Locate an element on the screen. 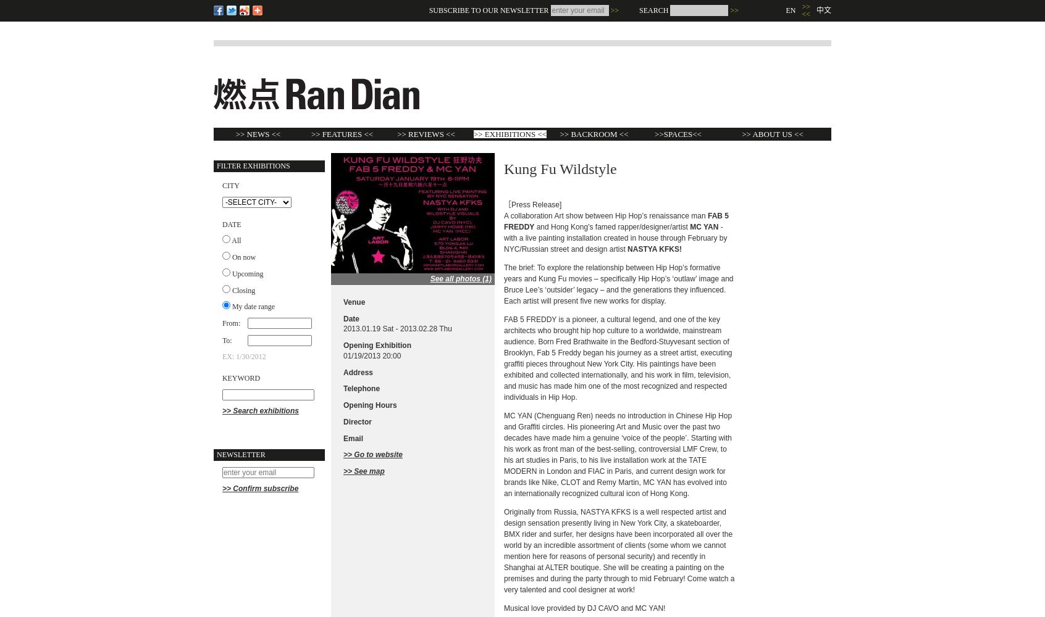 The image size is (1045, 617). 'See all photos (1)' is located at coordinates (460, 278).